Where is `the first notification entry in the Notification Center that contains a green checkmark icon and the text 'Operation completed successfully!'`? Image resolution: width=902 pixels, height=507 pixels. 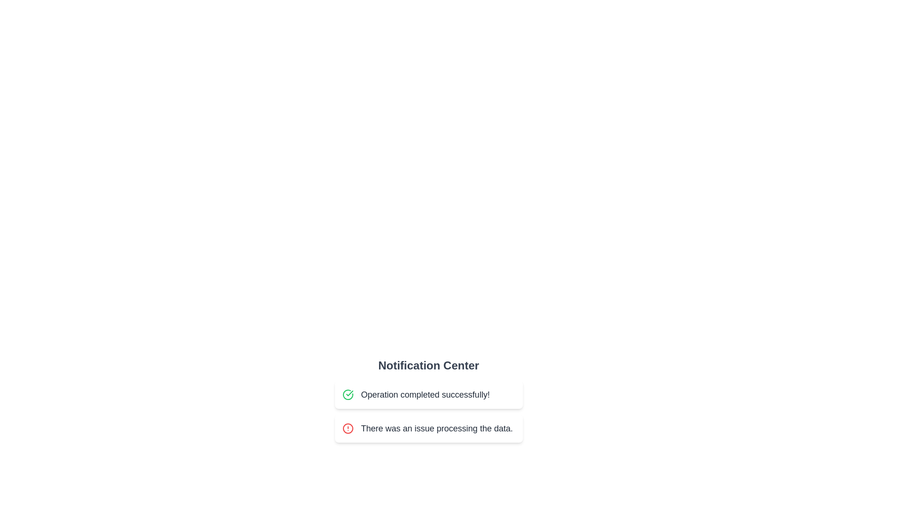 the first notification entry in the Notification Center that contains a green checkmark icon and the text 'Operation completed successfully!' is located at coordinates (428, 394).